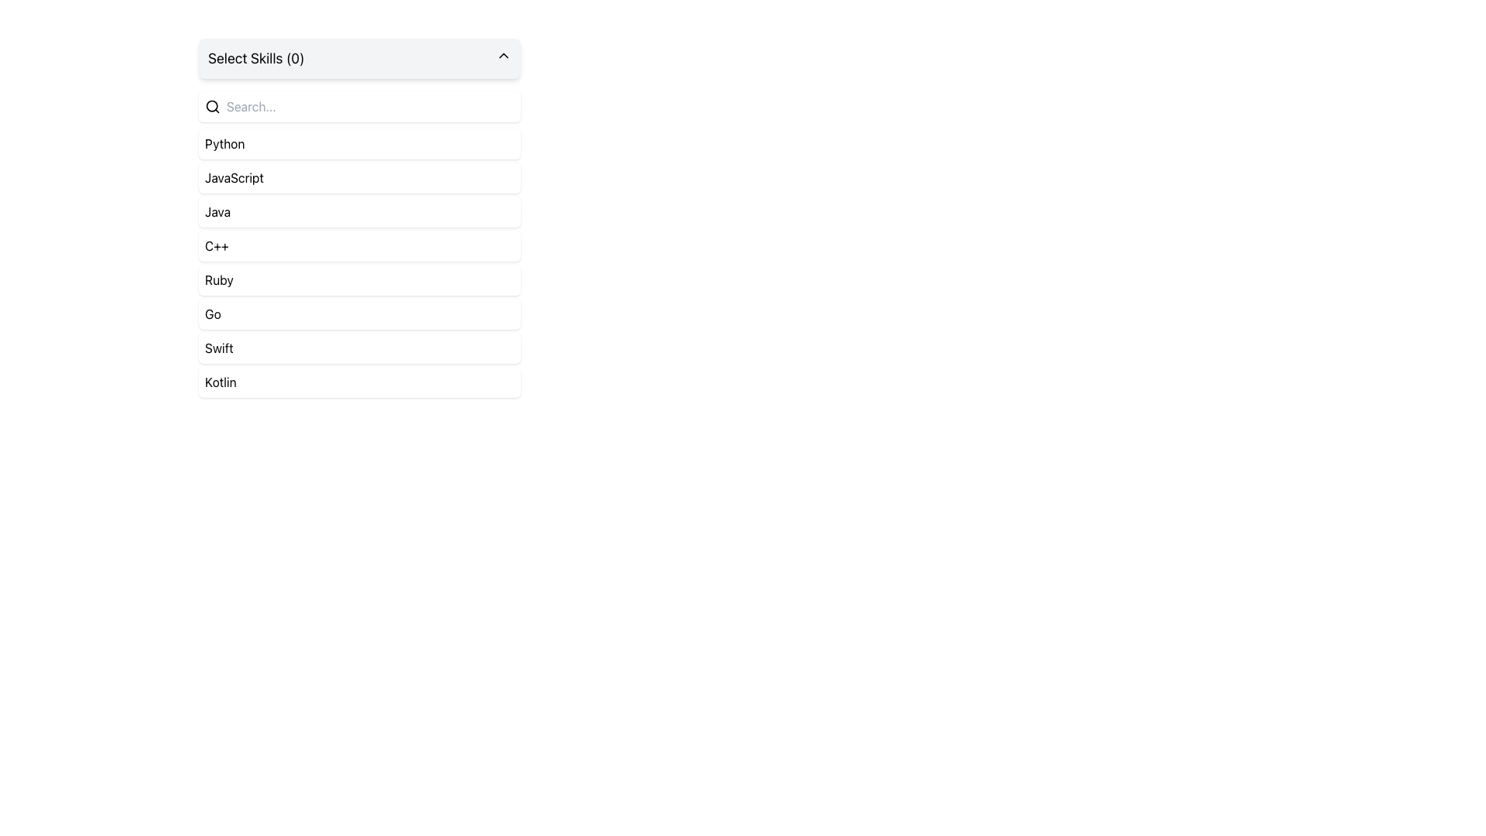 Image resolution: width=1486 pixels, height=836 pixels. Describe the element at coordinates (359, 244) in the screenshot. I see `the selectable list item labeled 'C++'` at that location.